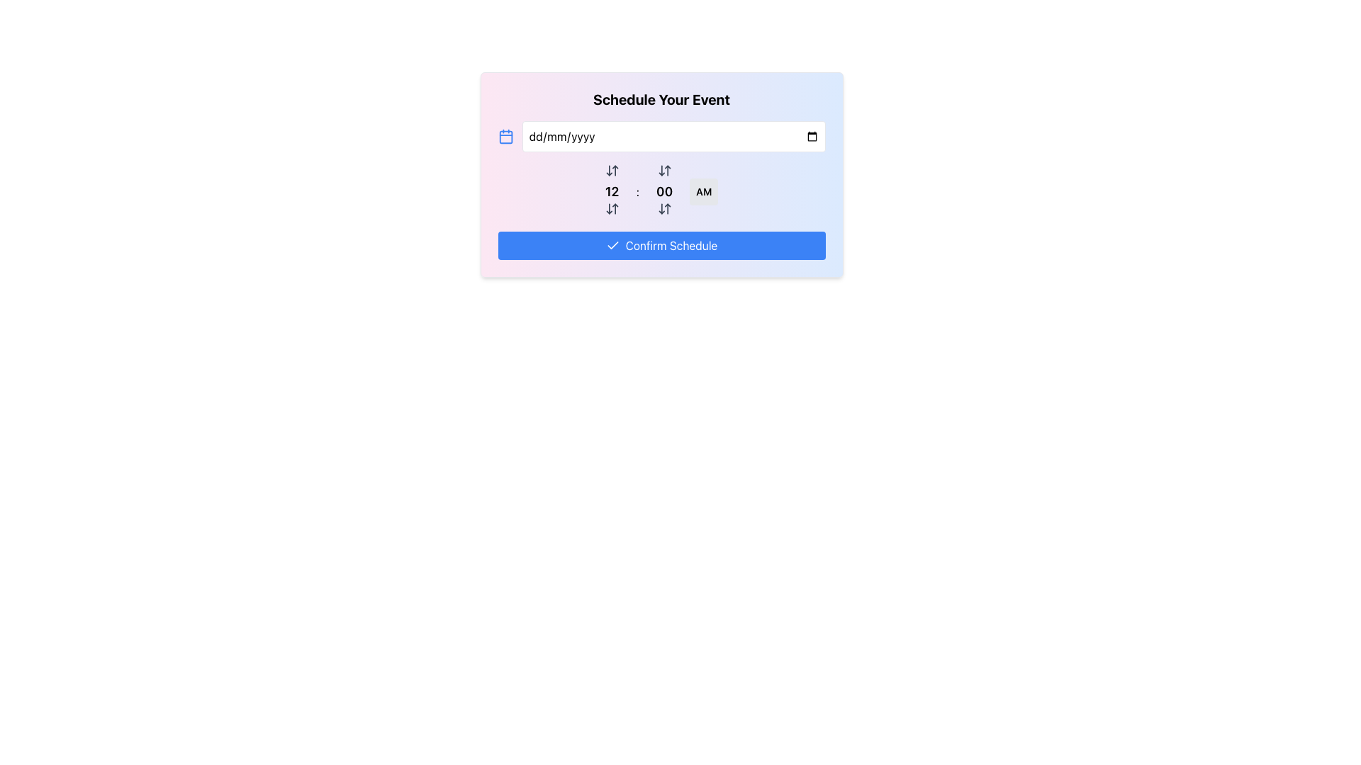 This screenshot has width=1361, height=765. Describe the element at coordinates (505, 136) in the screenshot. I see `the calendar icon button` at that location.